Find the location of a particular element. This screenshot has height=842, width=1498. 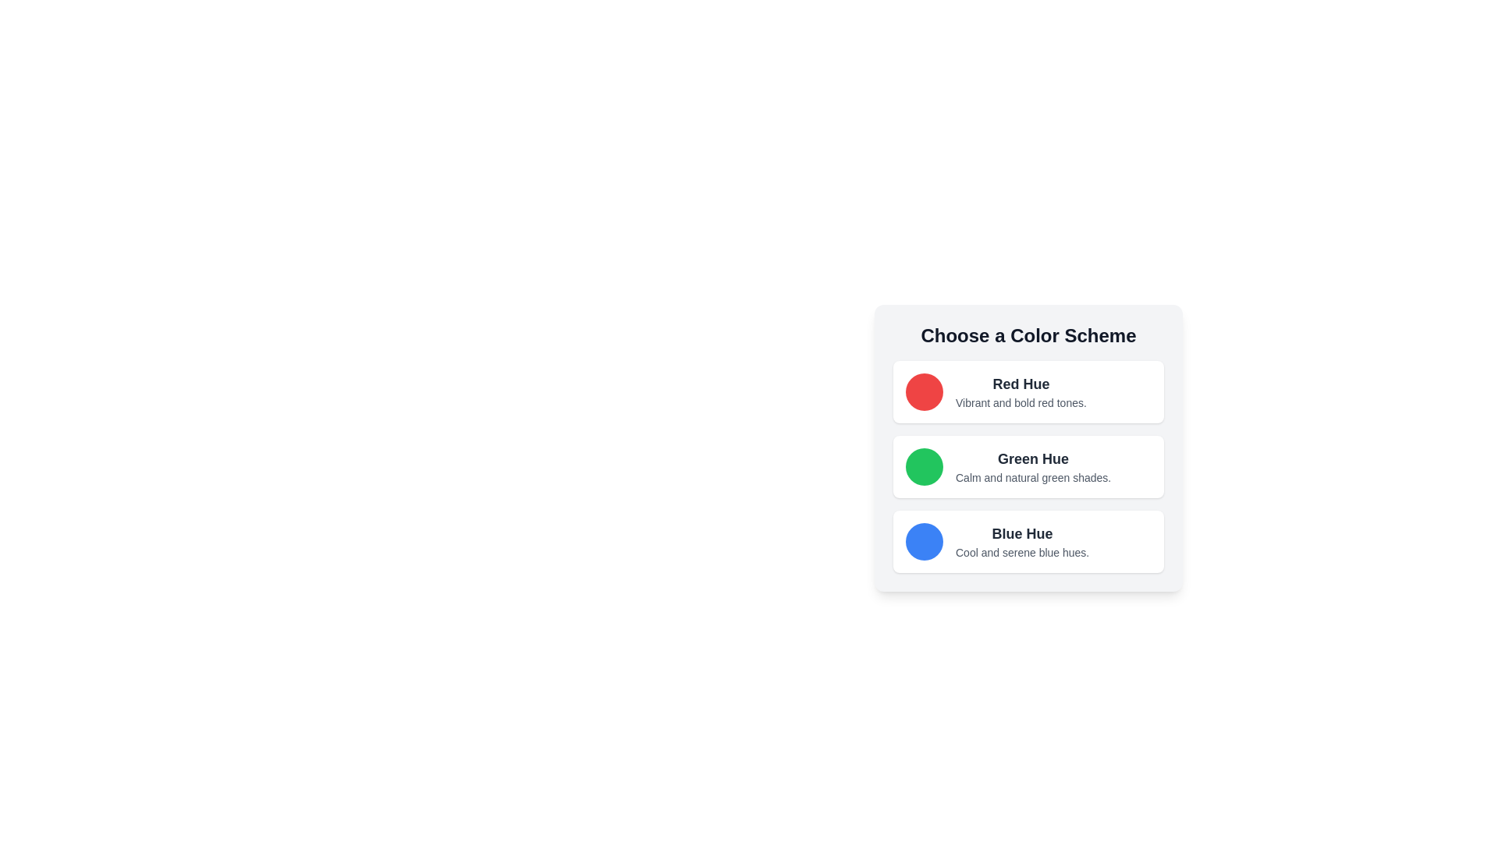

the text block displaying 'Blue Hue' and 'Cool and serene blue hues.' which is the third option in a vertical list, located beneath 'Green Hue' and to the right of a blue circular icon is located at coordinates (1022, 540).